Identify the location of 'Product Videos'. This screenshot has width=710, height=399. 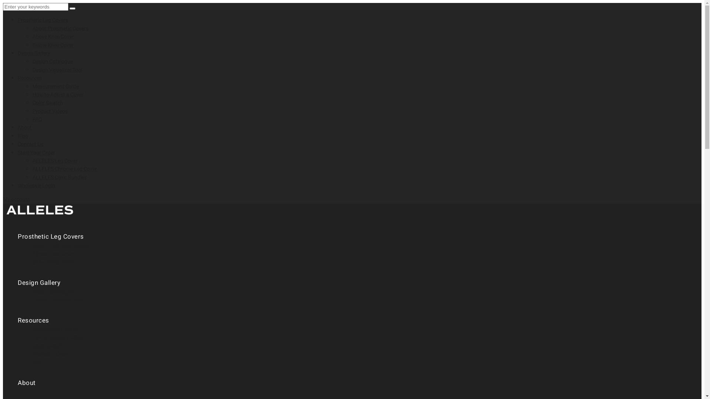
(32, 111).